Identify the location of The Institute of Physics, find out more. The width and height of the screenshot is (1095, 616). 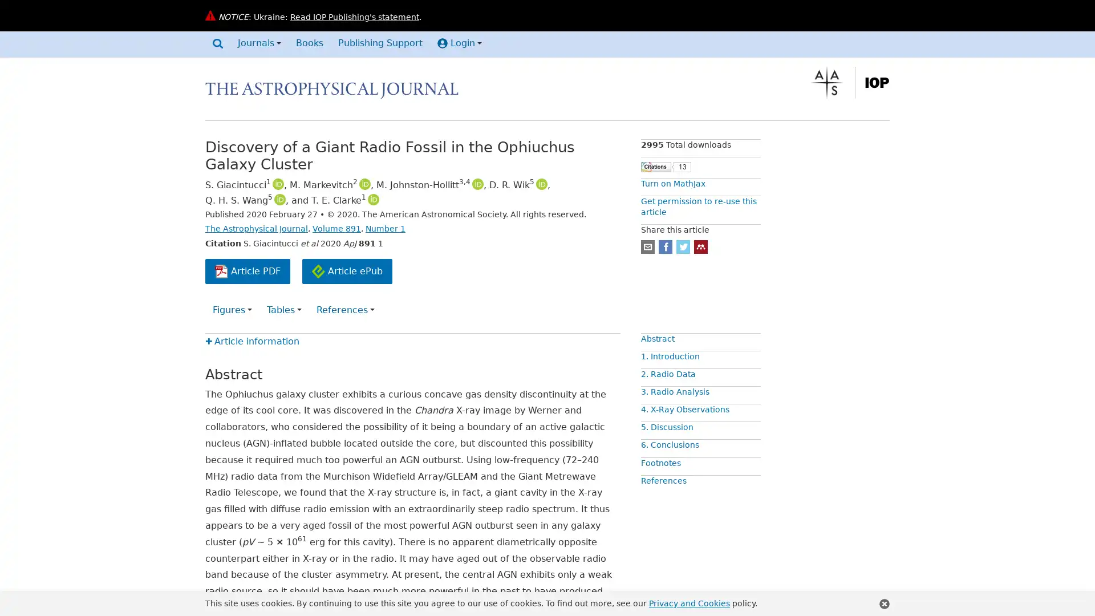
(867, 84).